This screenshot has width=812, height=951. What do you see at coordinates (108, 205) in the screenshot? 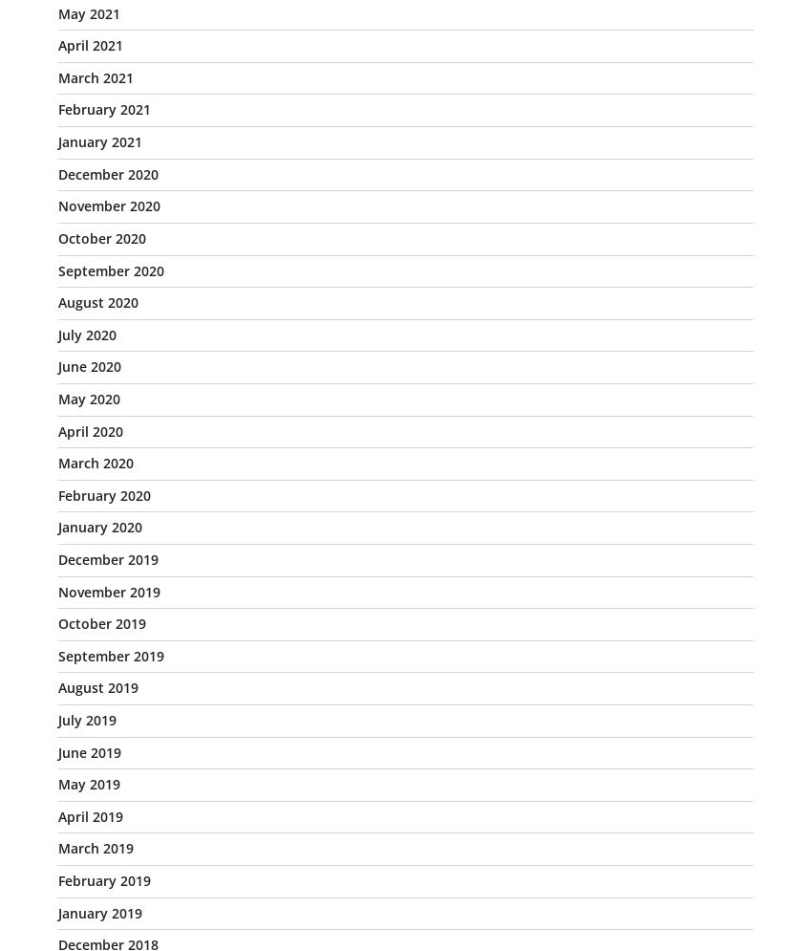
I see `'November 2020'` at bounding box center [108, 205].